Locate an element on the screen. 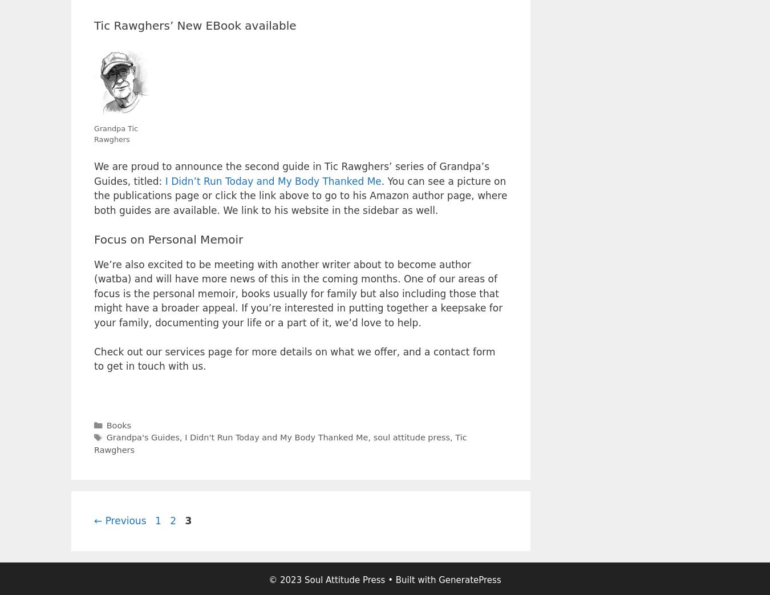 The width and height of the screenshot is (770, 595). 'GeneratePress' is located at coordinates (469, 580).